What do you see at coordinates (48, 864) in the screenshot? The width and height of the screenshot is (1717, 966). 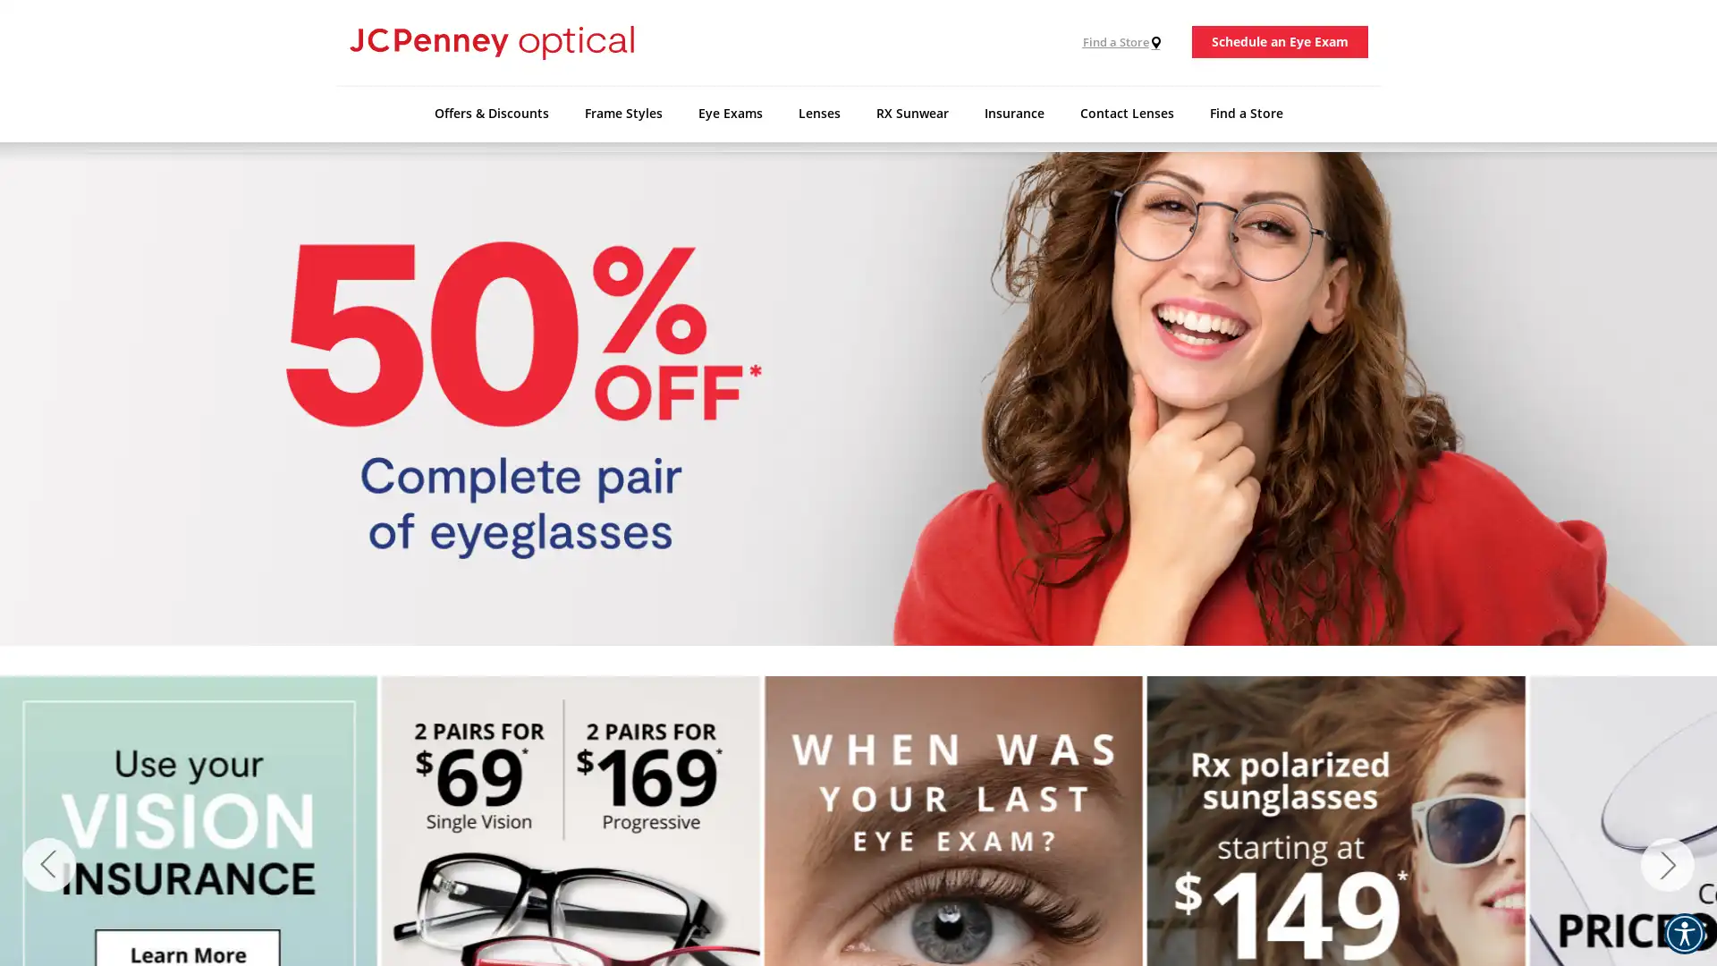 I see `prev` at bounding box center [48, 864].